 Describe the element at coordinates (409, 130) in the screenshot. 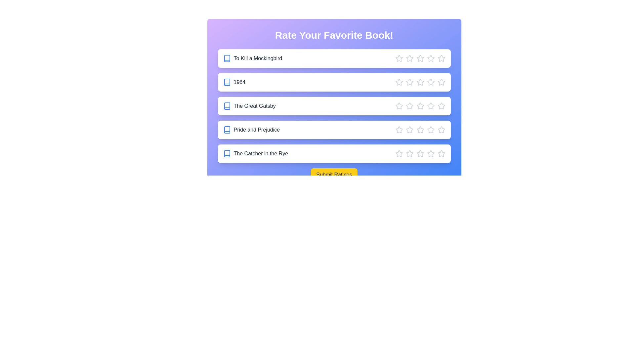

I see `the star corresponding to 2 stars for the book Pride and Prejudice` at that location.